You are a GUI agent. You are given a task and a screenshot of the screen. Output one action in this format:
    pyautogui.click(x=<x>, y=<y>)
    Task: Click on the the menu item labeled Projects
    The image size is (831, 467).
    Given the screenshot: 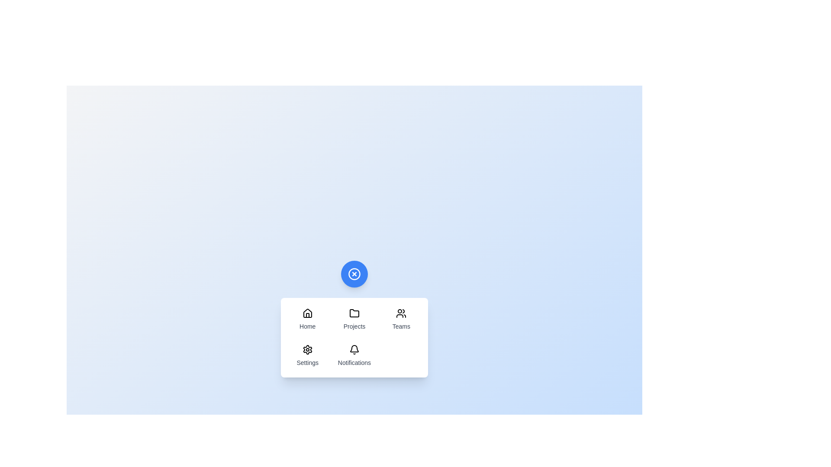 What is the action you would take?
    pyautogui.click(x=354, y=320)
    